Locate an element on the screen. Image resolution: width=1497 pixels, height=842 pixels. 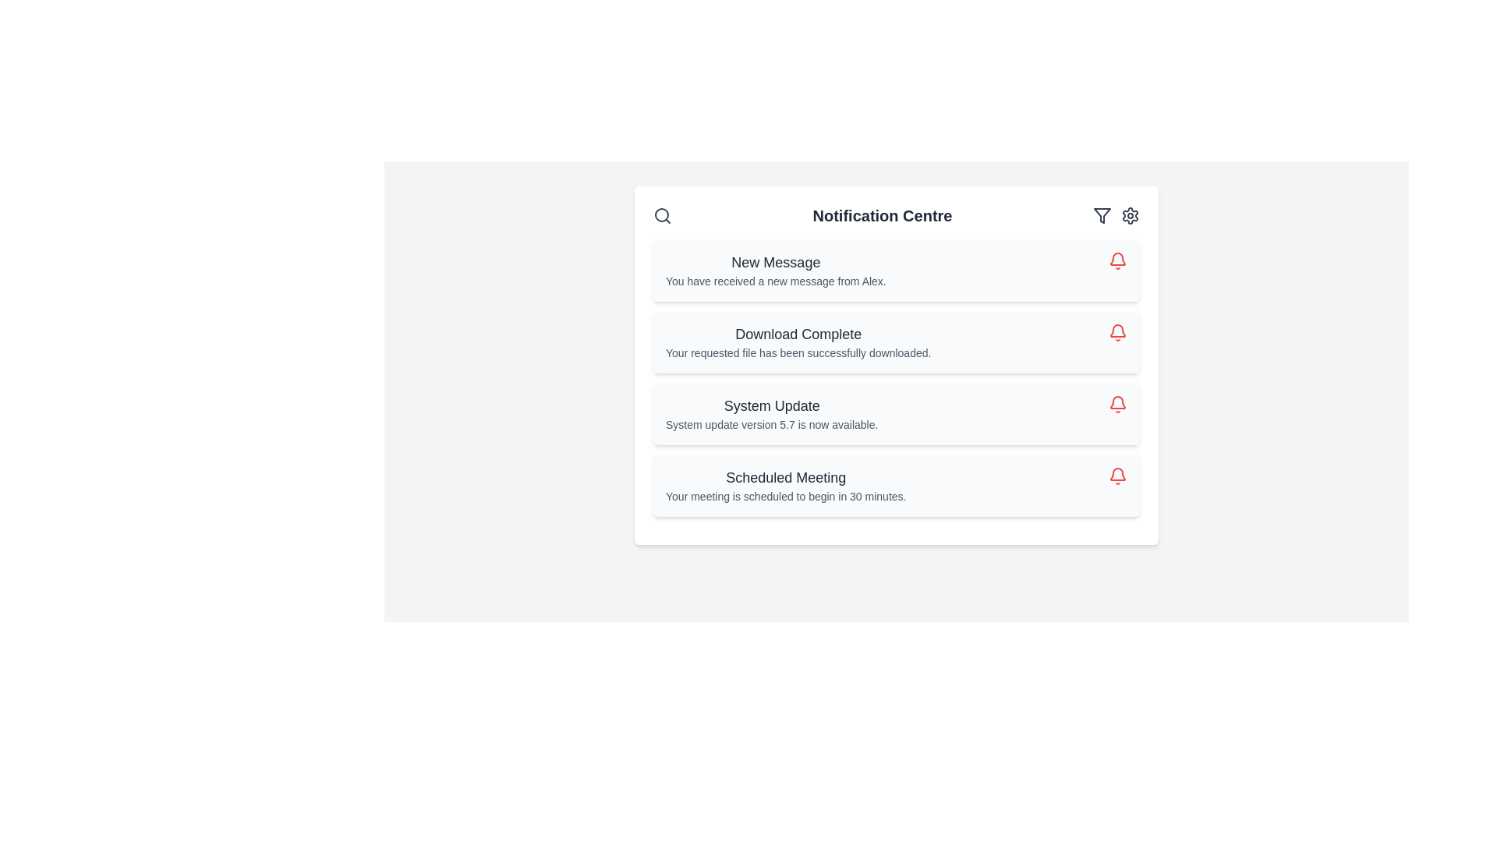
the Notification Card that indicates the successful completion of a file download, located between the 'New Message' and 'System Update' notifications in the notification center is located at coordinates (897, 341).